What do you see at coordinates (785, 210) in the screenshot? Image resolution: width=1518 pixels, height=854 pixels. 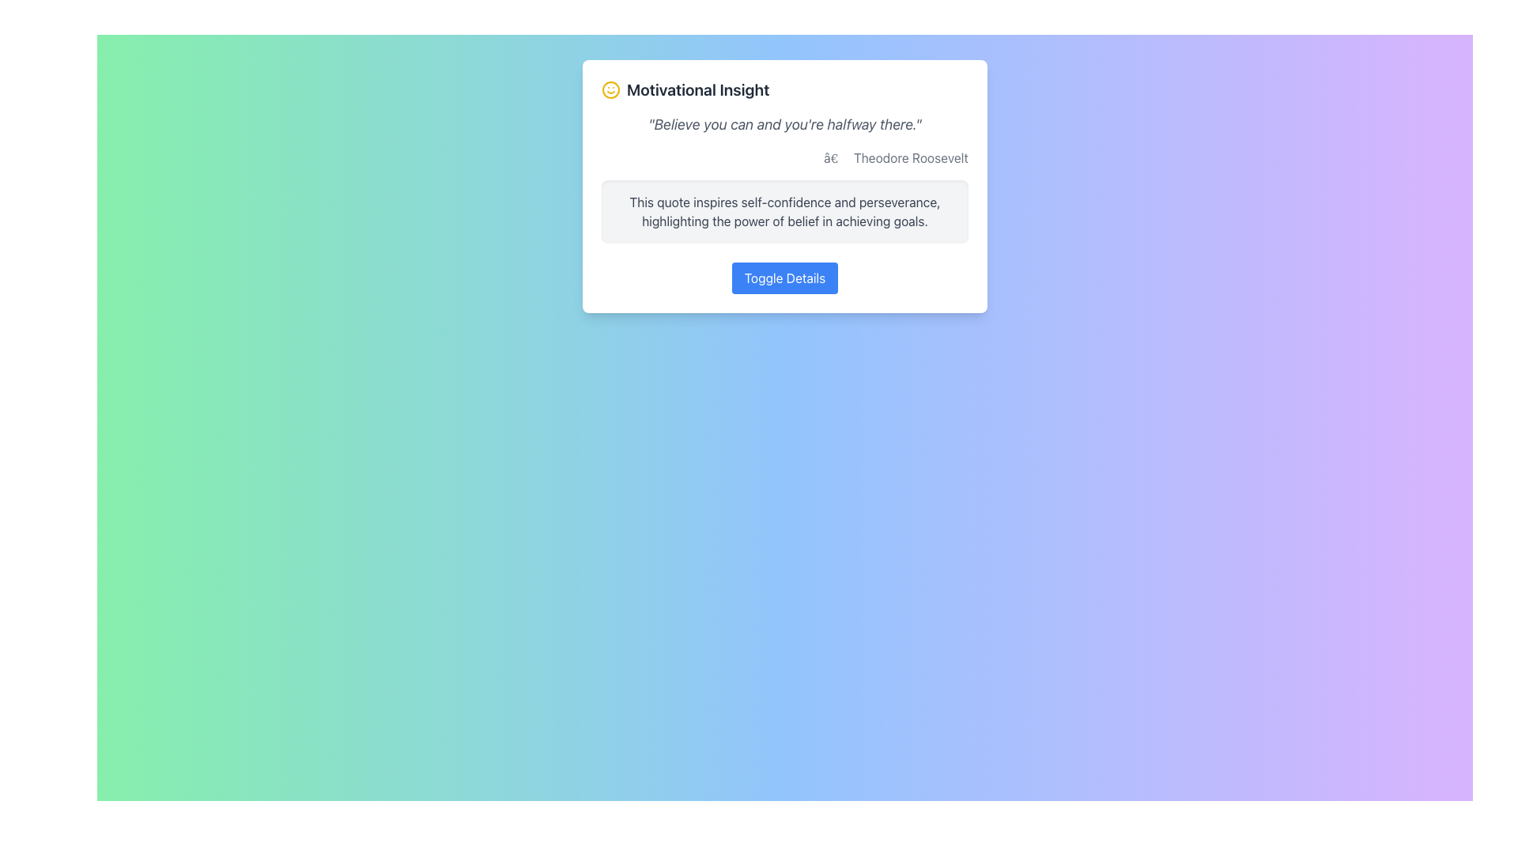 I see `the informational text block that displays a motivational message, located within a white card component below the quote and author information` at bounding box center [785, 210].